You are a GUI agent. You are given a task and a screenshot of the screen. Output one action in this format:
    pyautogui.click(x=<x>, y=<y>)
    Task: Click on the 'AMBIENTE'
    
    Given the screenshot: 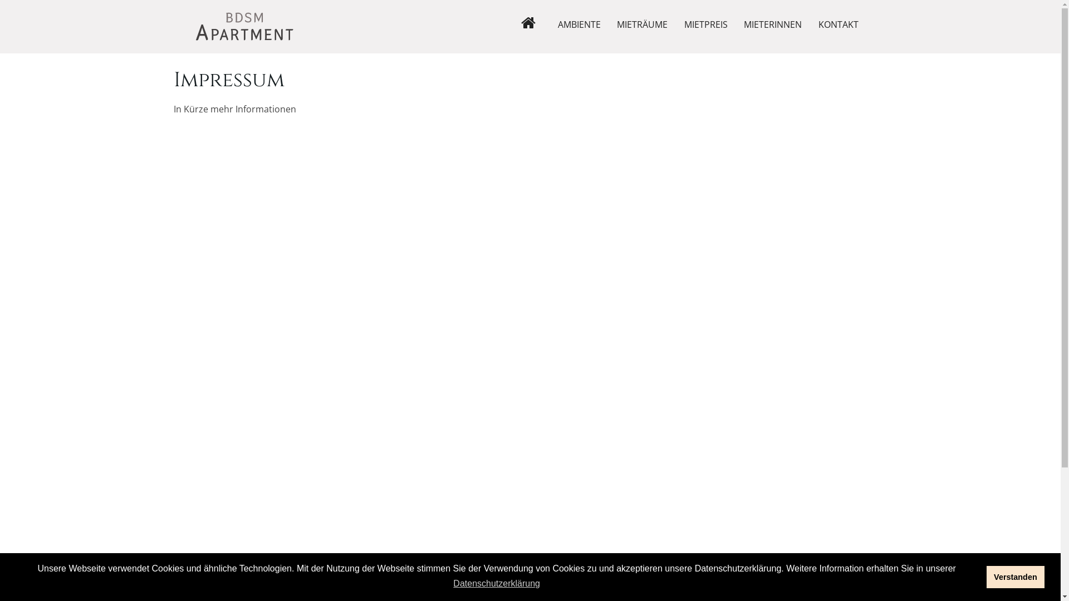 What is the action you would take?
    pyautogui.click(x=579, y=24)
    